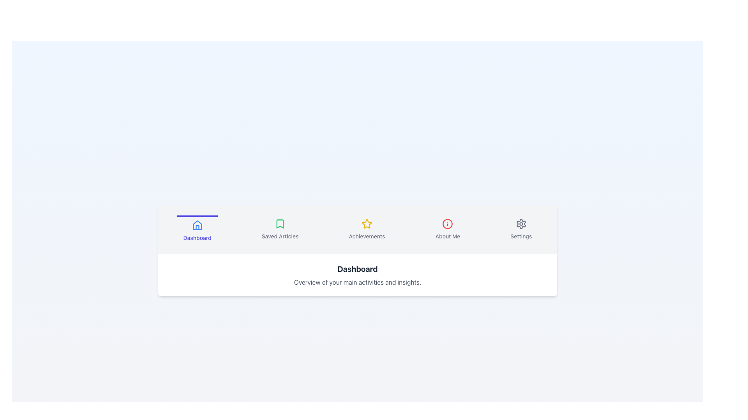 The height and width of the screenshot is (420, 748). Describe the element at coordinates (357, 268) in the screenshot. I see `the static text label indicating the current active section as 'Dashboard.'` at that location.